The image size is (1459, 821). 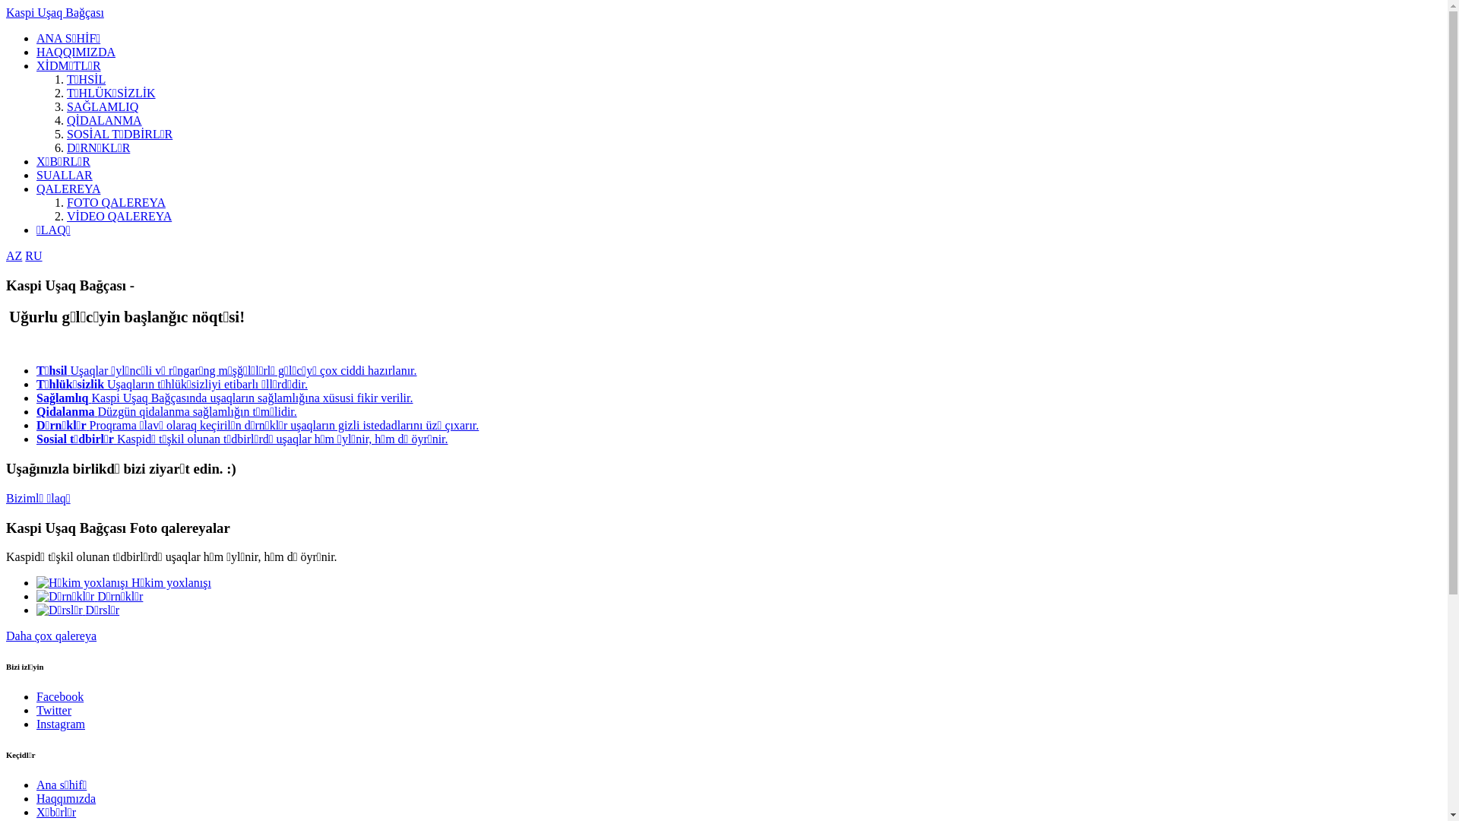 What do you see at coordinates (68, 188) in the screenshot?
I see `'QALEREYA'` at bounding box center [68, 188].